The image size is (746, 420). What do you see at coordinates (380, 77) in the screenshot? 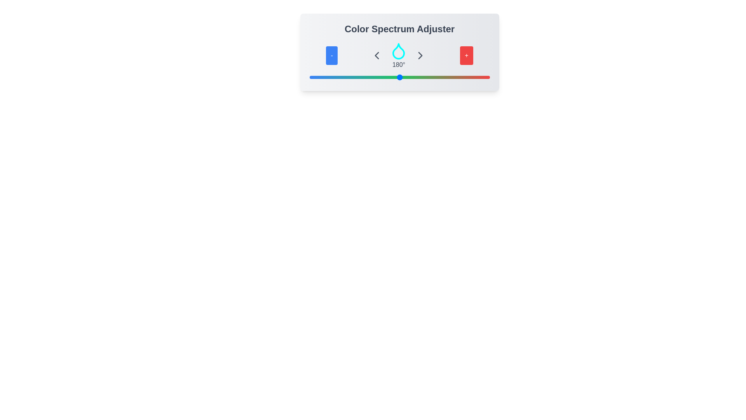
I see `the slider to set the color spectrum to 142` at bounding box center [380, 77].